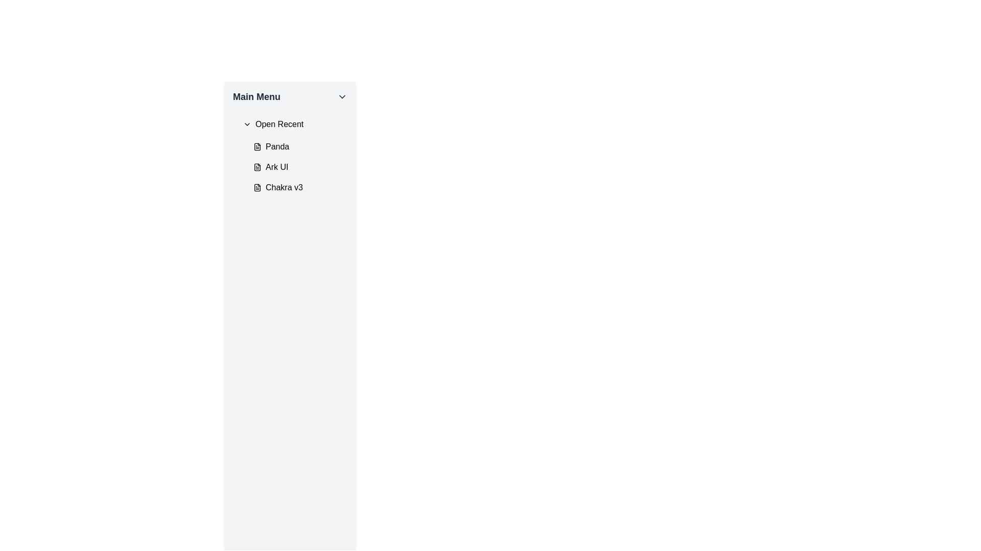 This screenshot has height=551, width=981. Describe the element at coordinates (301, 166) in the screenshot. I see `the 'Ark UI' menu item located in the middle of three similar items under the 'Open Recent' section of the left-hand sidebar menu` at that location.